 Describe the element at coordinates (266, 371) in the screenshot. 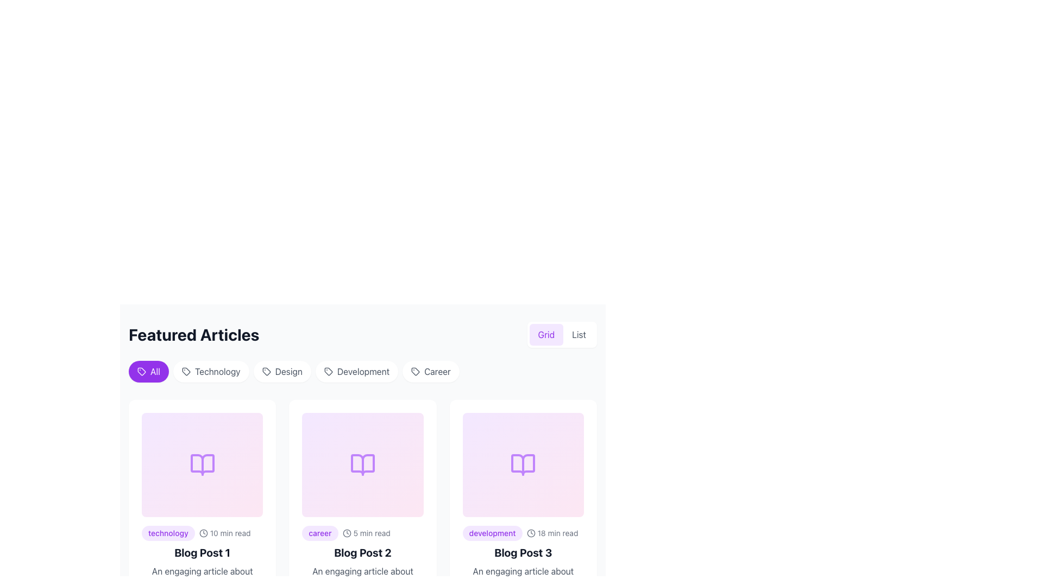

I see `the tag icon located to the left of the 'Design' text within the pill-shaped button on the horizontal navigation bar of the 'Featured Articles' section` at that location.